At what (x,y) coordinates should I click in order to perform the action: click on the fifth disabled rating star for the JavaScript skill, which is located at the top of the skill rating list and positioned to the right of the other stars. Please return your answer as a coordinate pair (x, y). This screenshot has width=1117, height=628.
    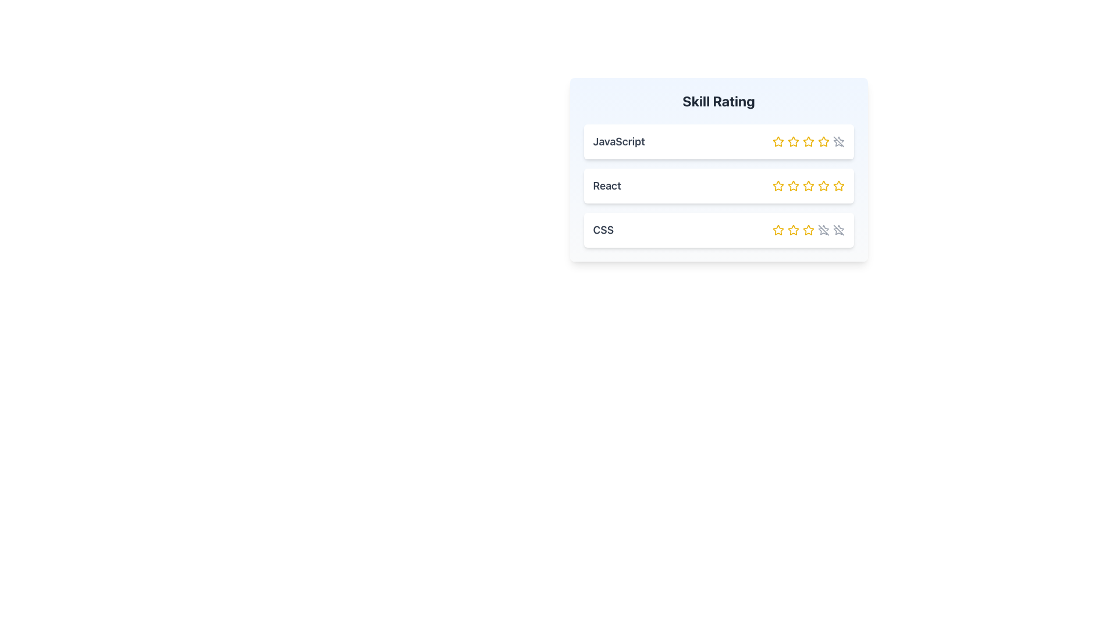
    Looking at the image, I should click on (838, 141).